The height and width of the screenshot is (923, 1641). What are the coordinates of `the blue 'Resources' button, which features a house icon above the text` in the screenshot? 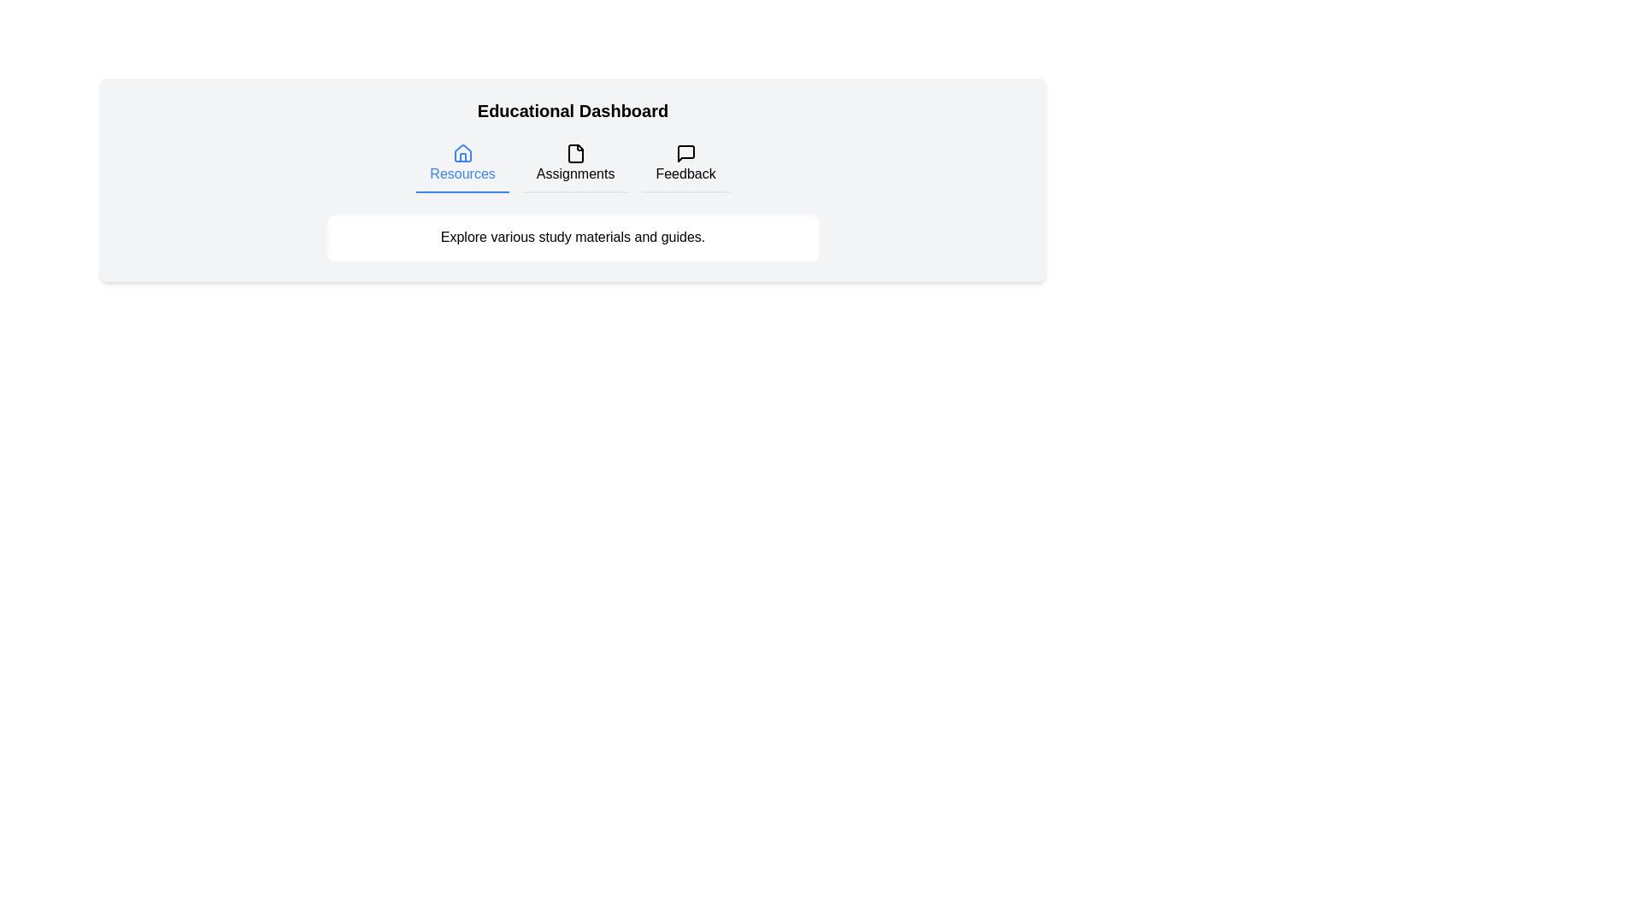 It's located at (462, 164).